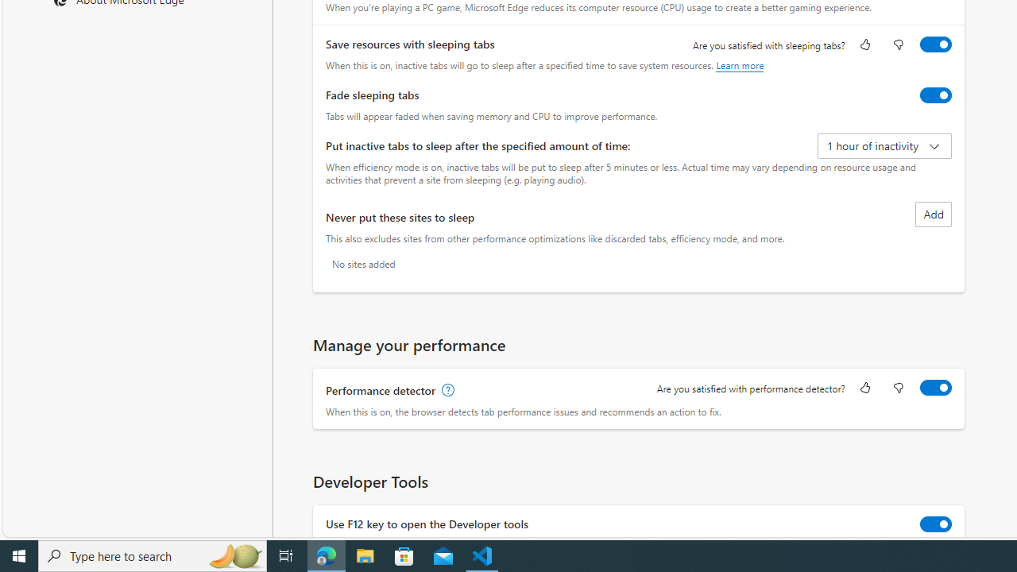  What do you see at coordinates (936, 388) in the screenshot?
I see `'Performance detector'` at bounding box center [936, 388].